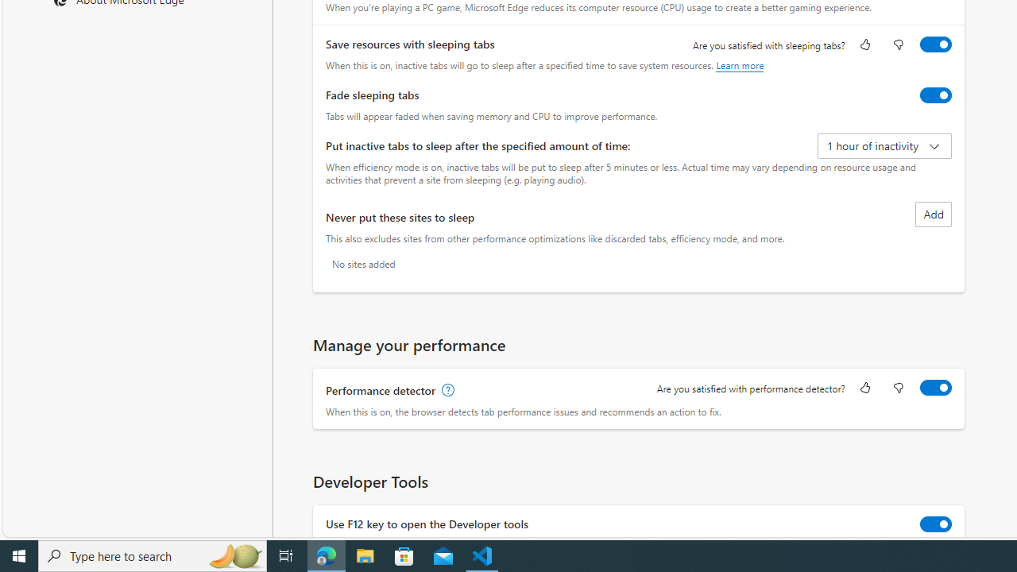  What do you see at coordinates (936, 388) in the screenshot?
I see `'Performance detector'` at bounding box center [936, 388].